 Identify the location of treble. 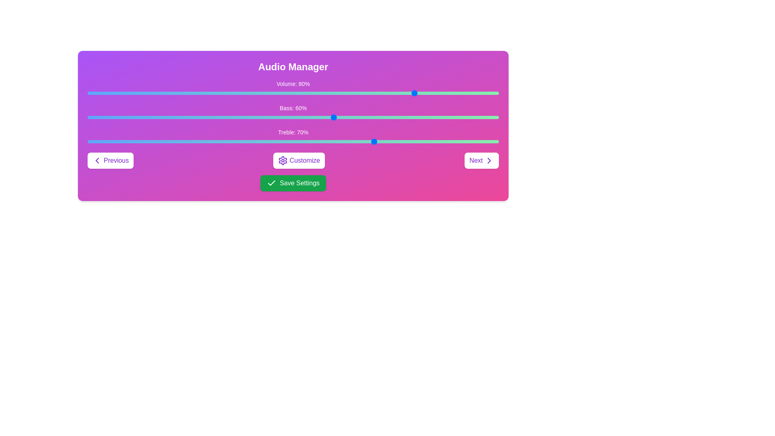
(145, 141).